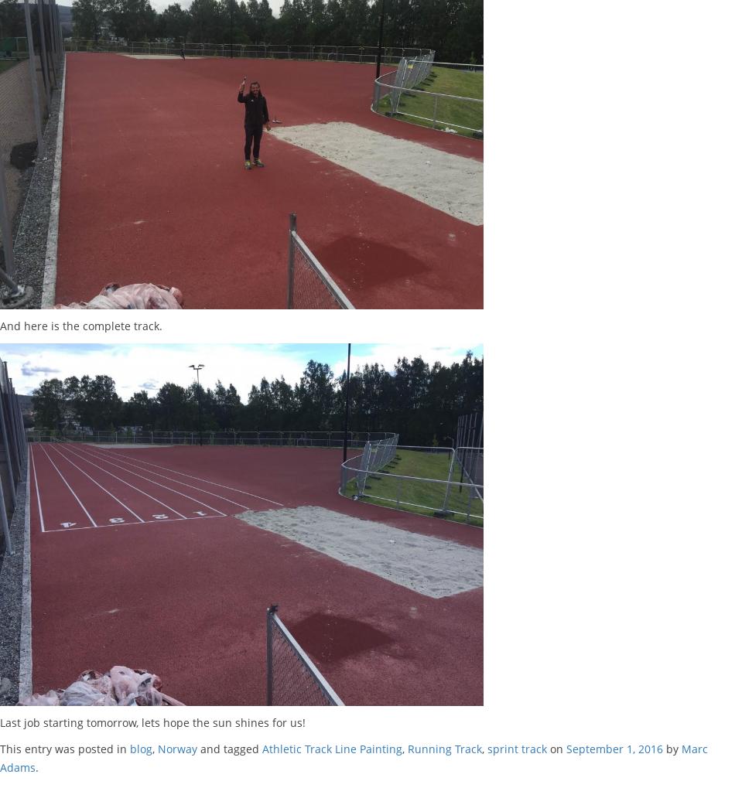 The width and height of the screenshot is (735, 788). What do you see at coordinates (556, 747) in the screenshot?
I see `'on'` at bounding box center [556, 747].